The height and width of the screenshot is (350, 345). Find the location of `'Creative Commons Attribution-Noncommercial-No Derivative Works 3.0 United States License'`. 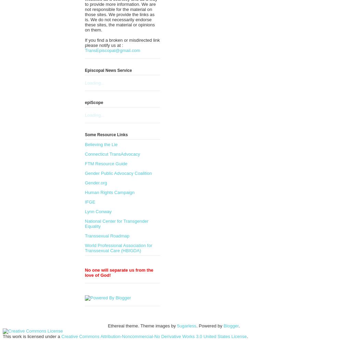

'Creative Commons Attribution-Noncommercial-No Derivative Works 3.0 United States License' is located at coordinates (154, 336).